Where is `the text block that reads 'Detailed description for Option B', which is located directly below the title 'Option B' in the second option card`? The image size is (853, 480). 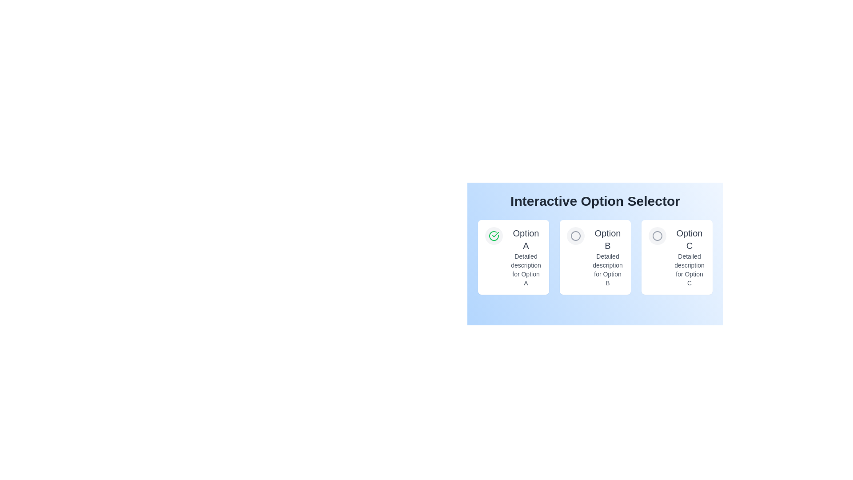 the text block that reads 'Detailed description for Option B', which is located directly below the title 'Option B' in the second option card is located at coordinates (607, 269).